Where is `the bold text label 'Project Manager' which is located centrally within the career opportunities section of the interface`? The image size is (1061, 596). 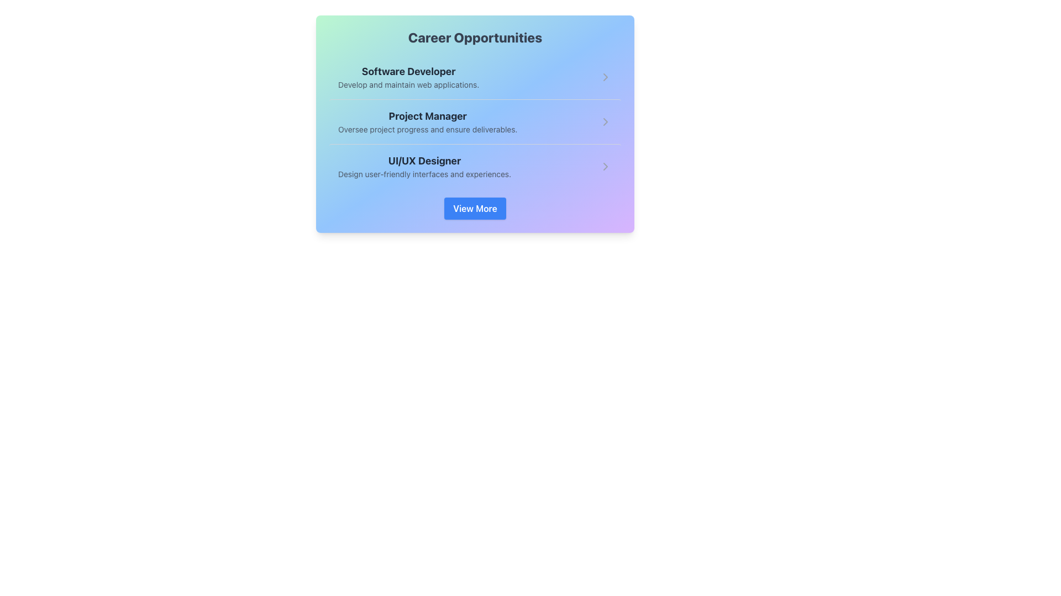
the bold text label 'Project Manager' which is located centrally within the career opportunities section of the interface is located at coordinates (427, 116).